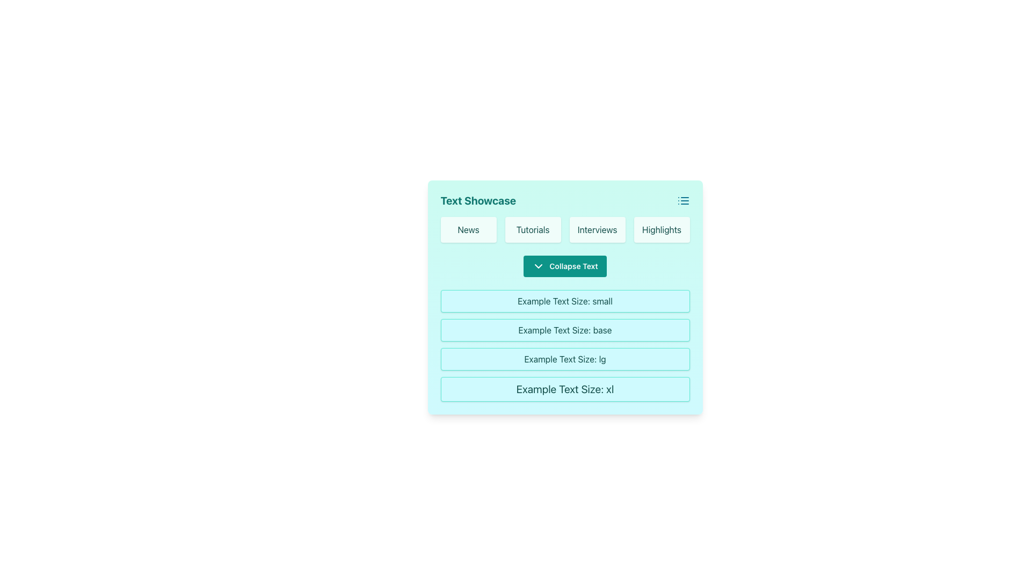 This screenshot has height=580, width=1031. Describe the element at coordinates (533, 229) in the screenshot. I see `the 'Tutorials' button, which is a teal rectangular button with rounded corners, to trigger its hover effects` at that location.